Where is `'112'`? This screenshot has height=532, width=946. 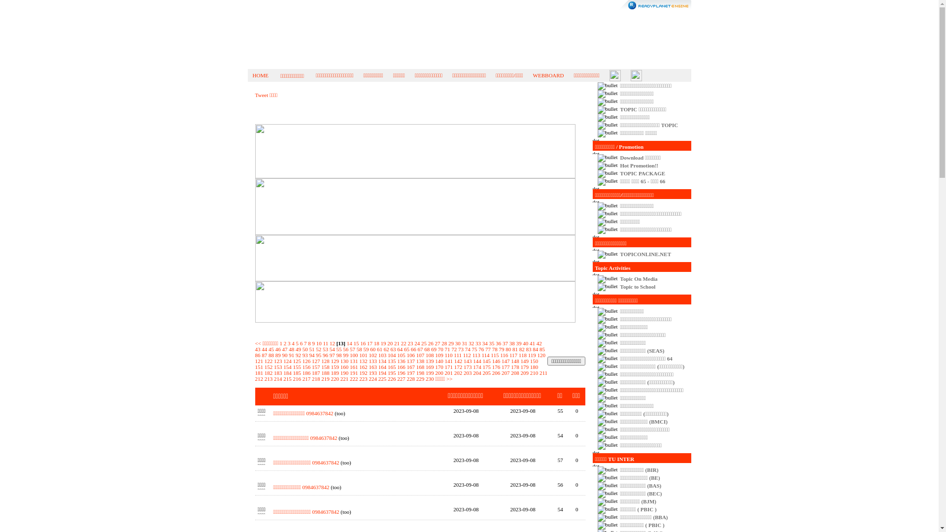 '112' is located at coordinates (463, 355).